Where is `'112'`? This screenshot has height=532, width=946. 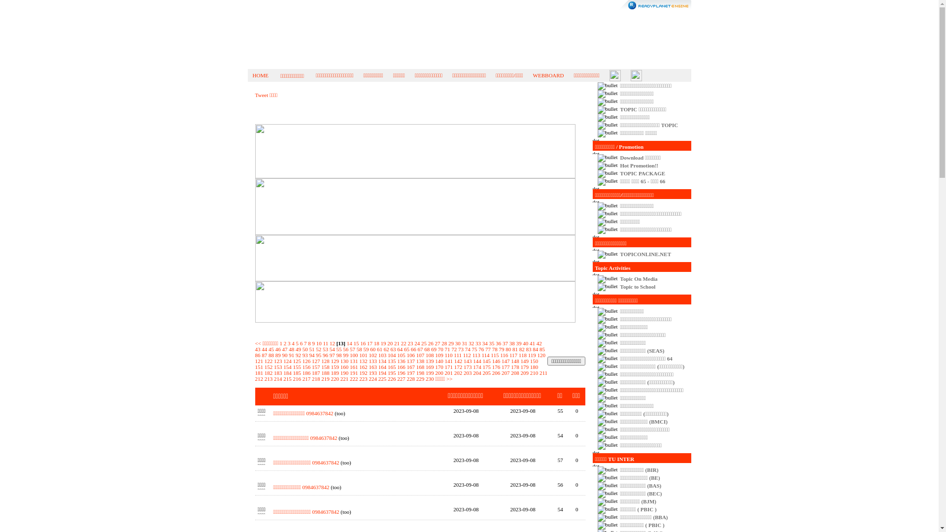 '112' is located at coordinates (463, 355).